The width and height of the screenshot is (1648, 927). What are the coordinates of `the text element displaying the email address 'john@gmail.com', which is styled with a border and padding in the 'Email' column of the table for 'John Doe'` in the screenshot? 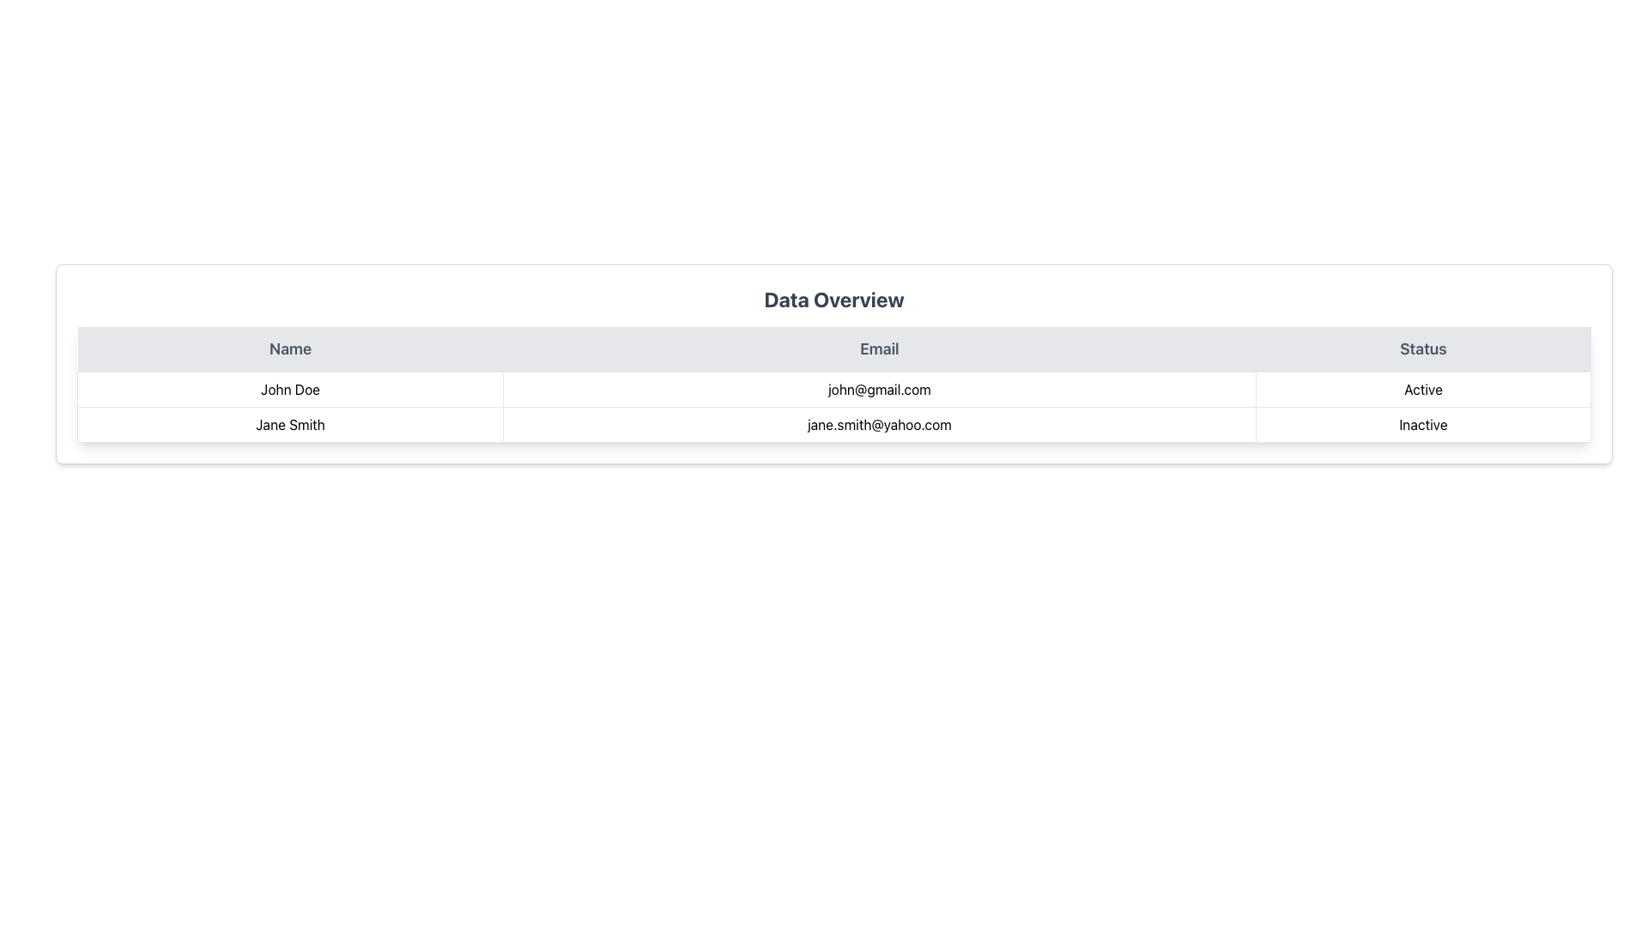 It's located at (879, 390).